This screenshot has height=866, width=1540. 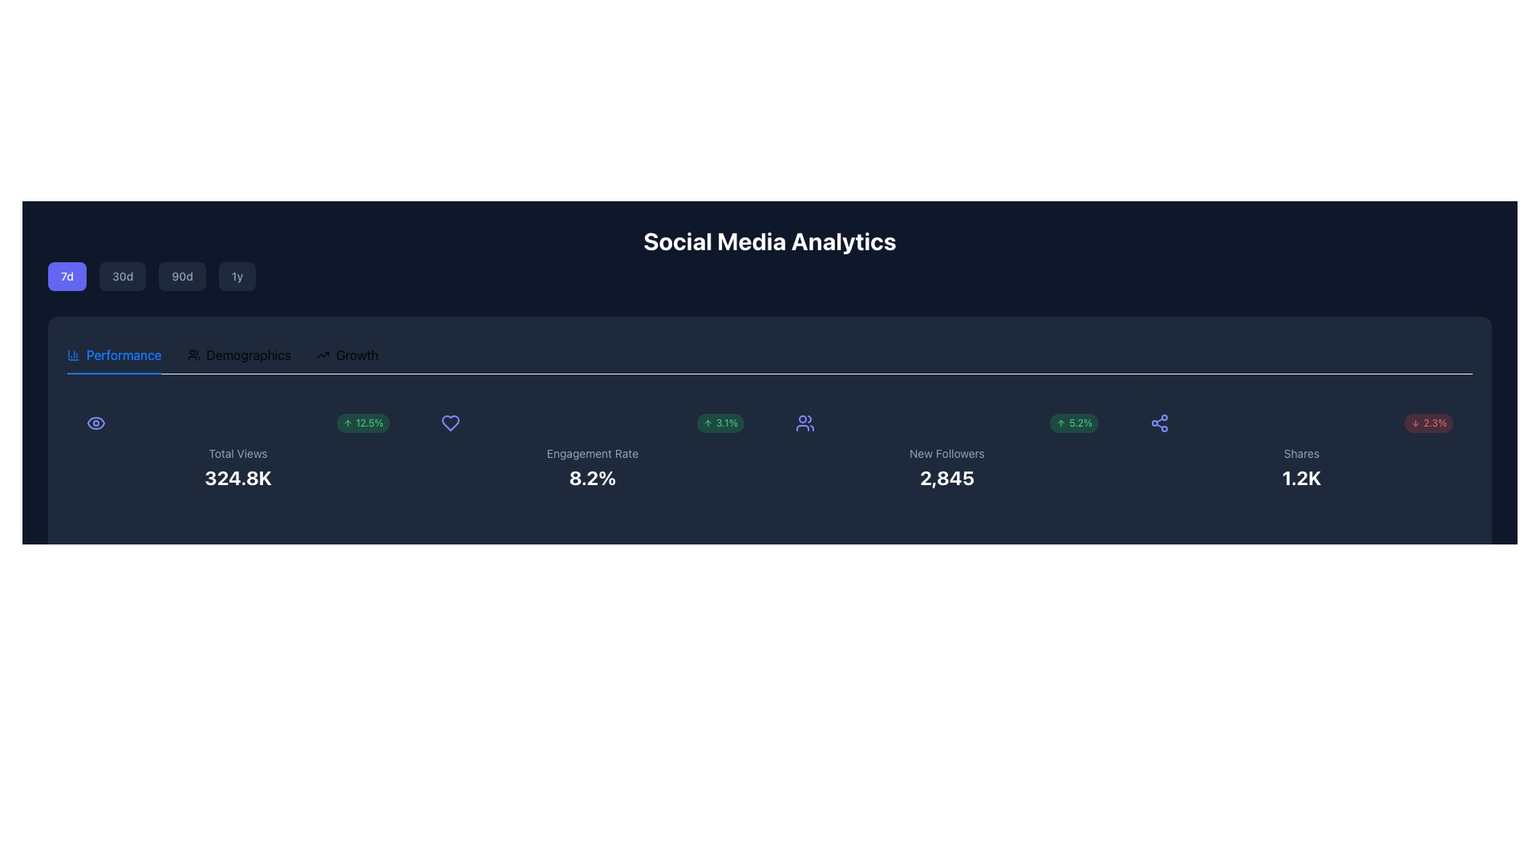 I want to click on the 'Growth' tab in the navigation bar, so click(x=346, y=354).